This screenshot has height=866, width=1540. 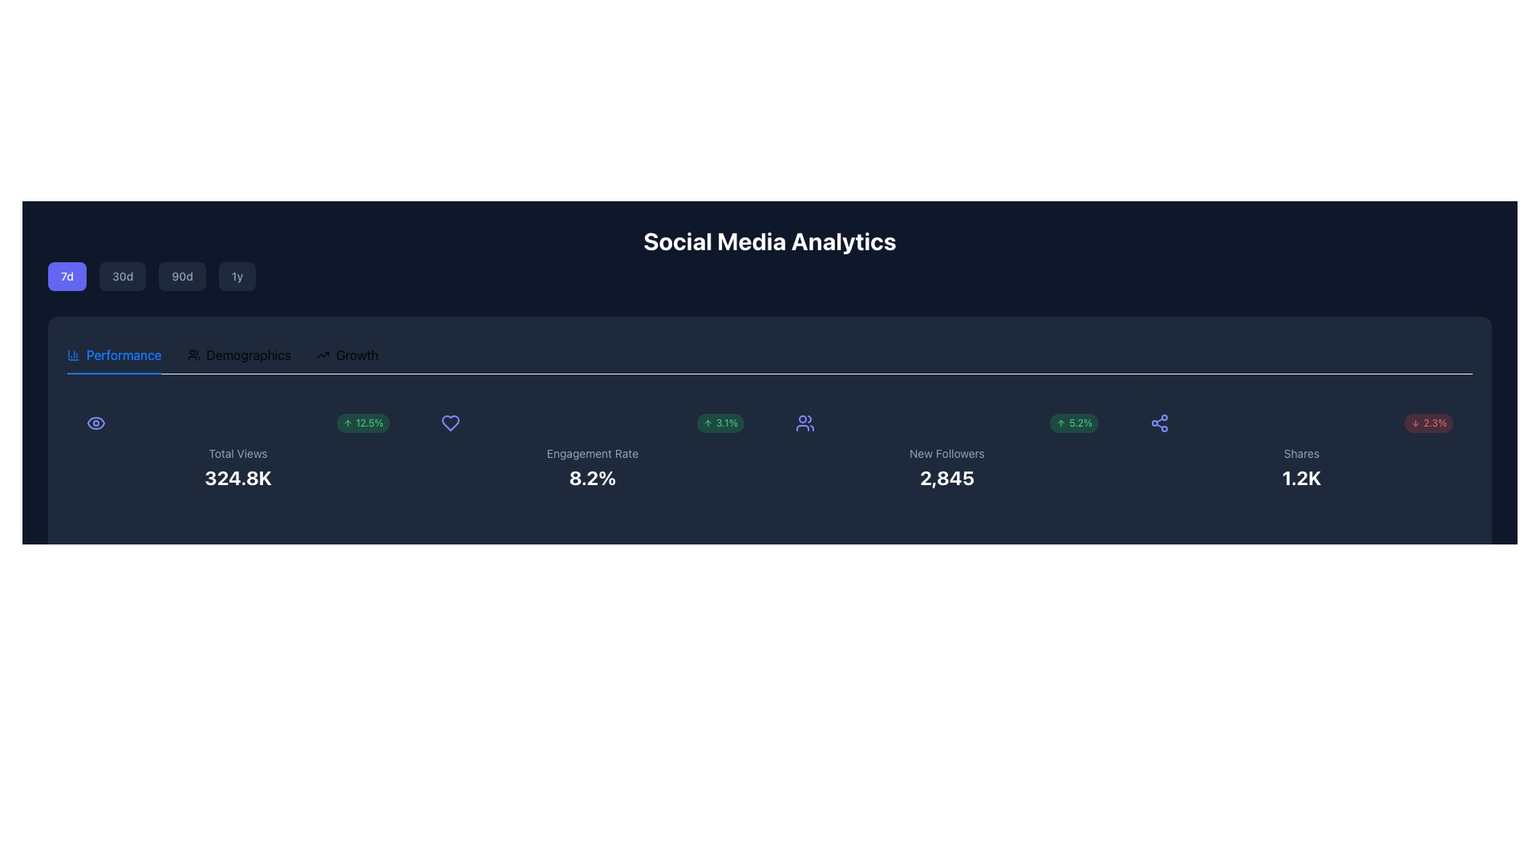 I want to click on the 'Growth' tab in the navigation bar, so click(x=346, y=354).